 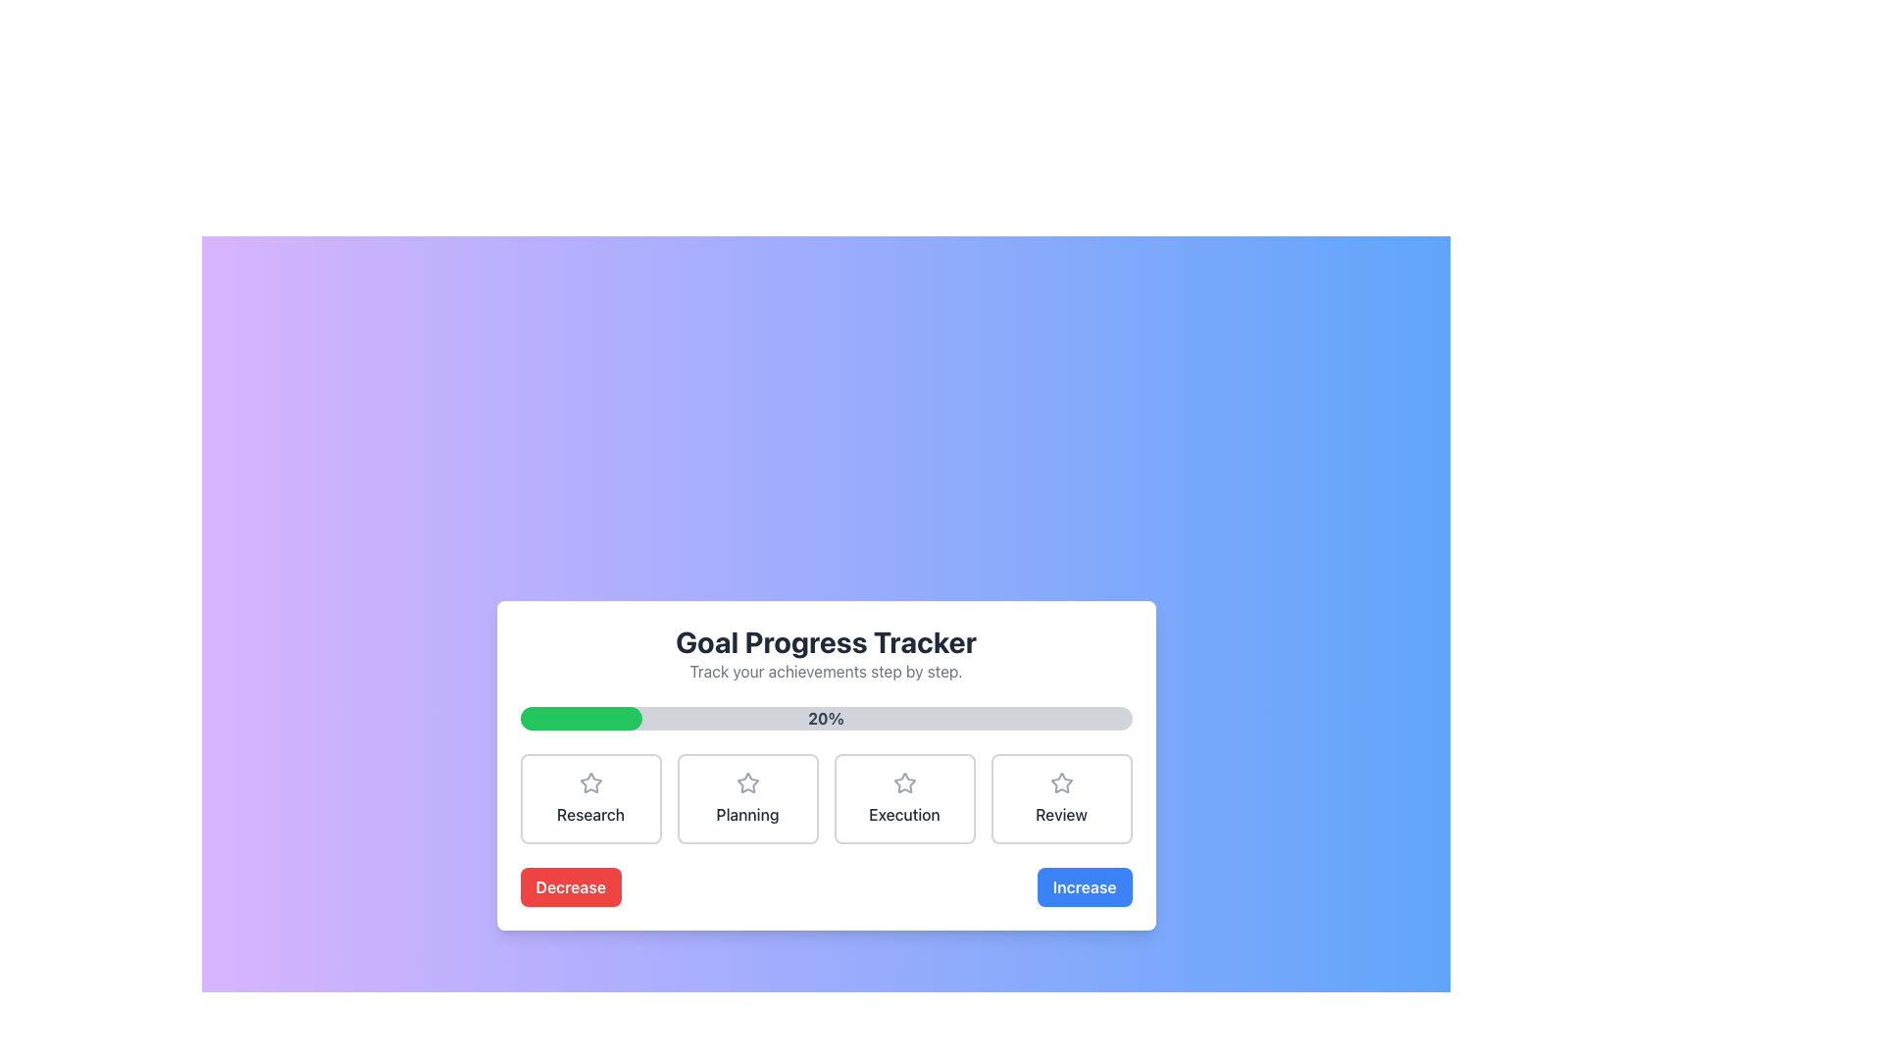 What do you see at coordinates (746, 798) in the screenshot?
I see `the 'Planning' informational element, which is the second item in a row of four, located between 'Research' and 'Execution'` at bounding box center [746, 798].